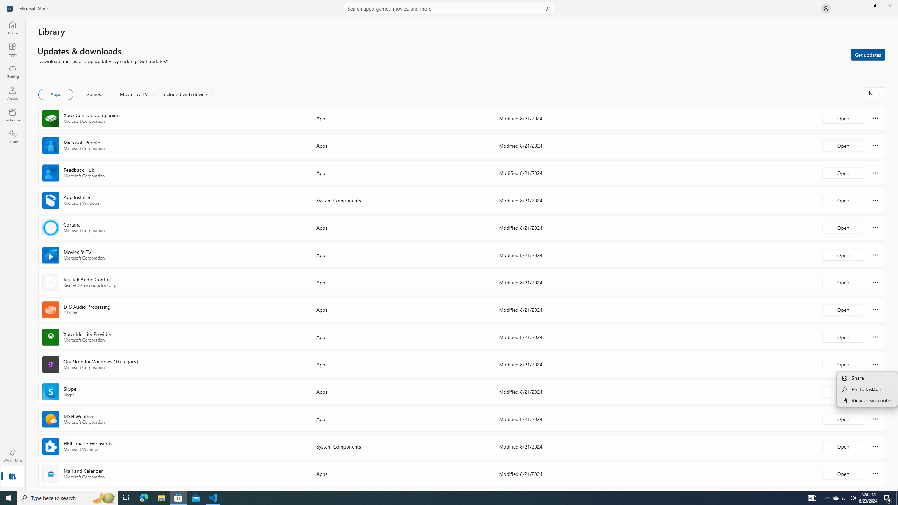 This screenshot has height=505, width=898. I want to click on 'Home', so click(12, 27).